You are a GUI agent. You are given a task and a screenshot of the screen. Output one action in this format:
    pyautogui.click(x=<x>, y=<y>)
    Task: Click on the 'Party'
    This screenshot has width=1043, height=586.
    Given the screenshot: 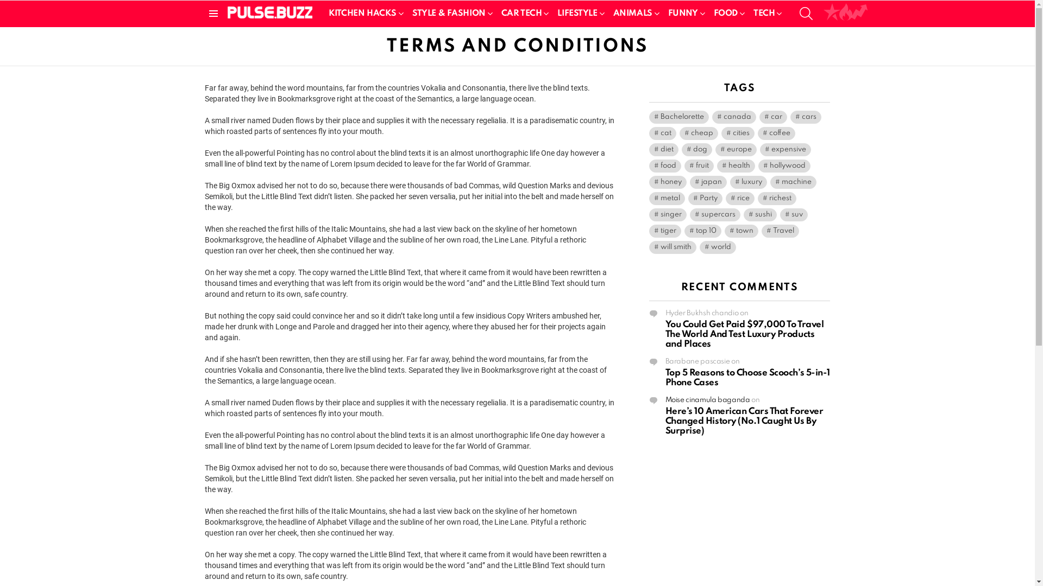 What is the action you would take?
    pyautogui.click(x=705, y=199)
    